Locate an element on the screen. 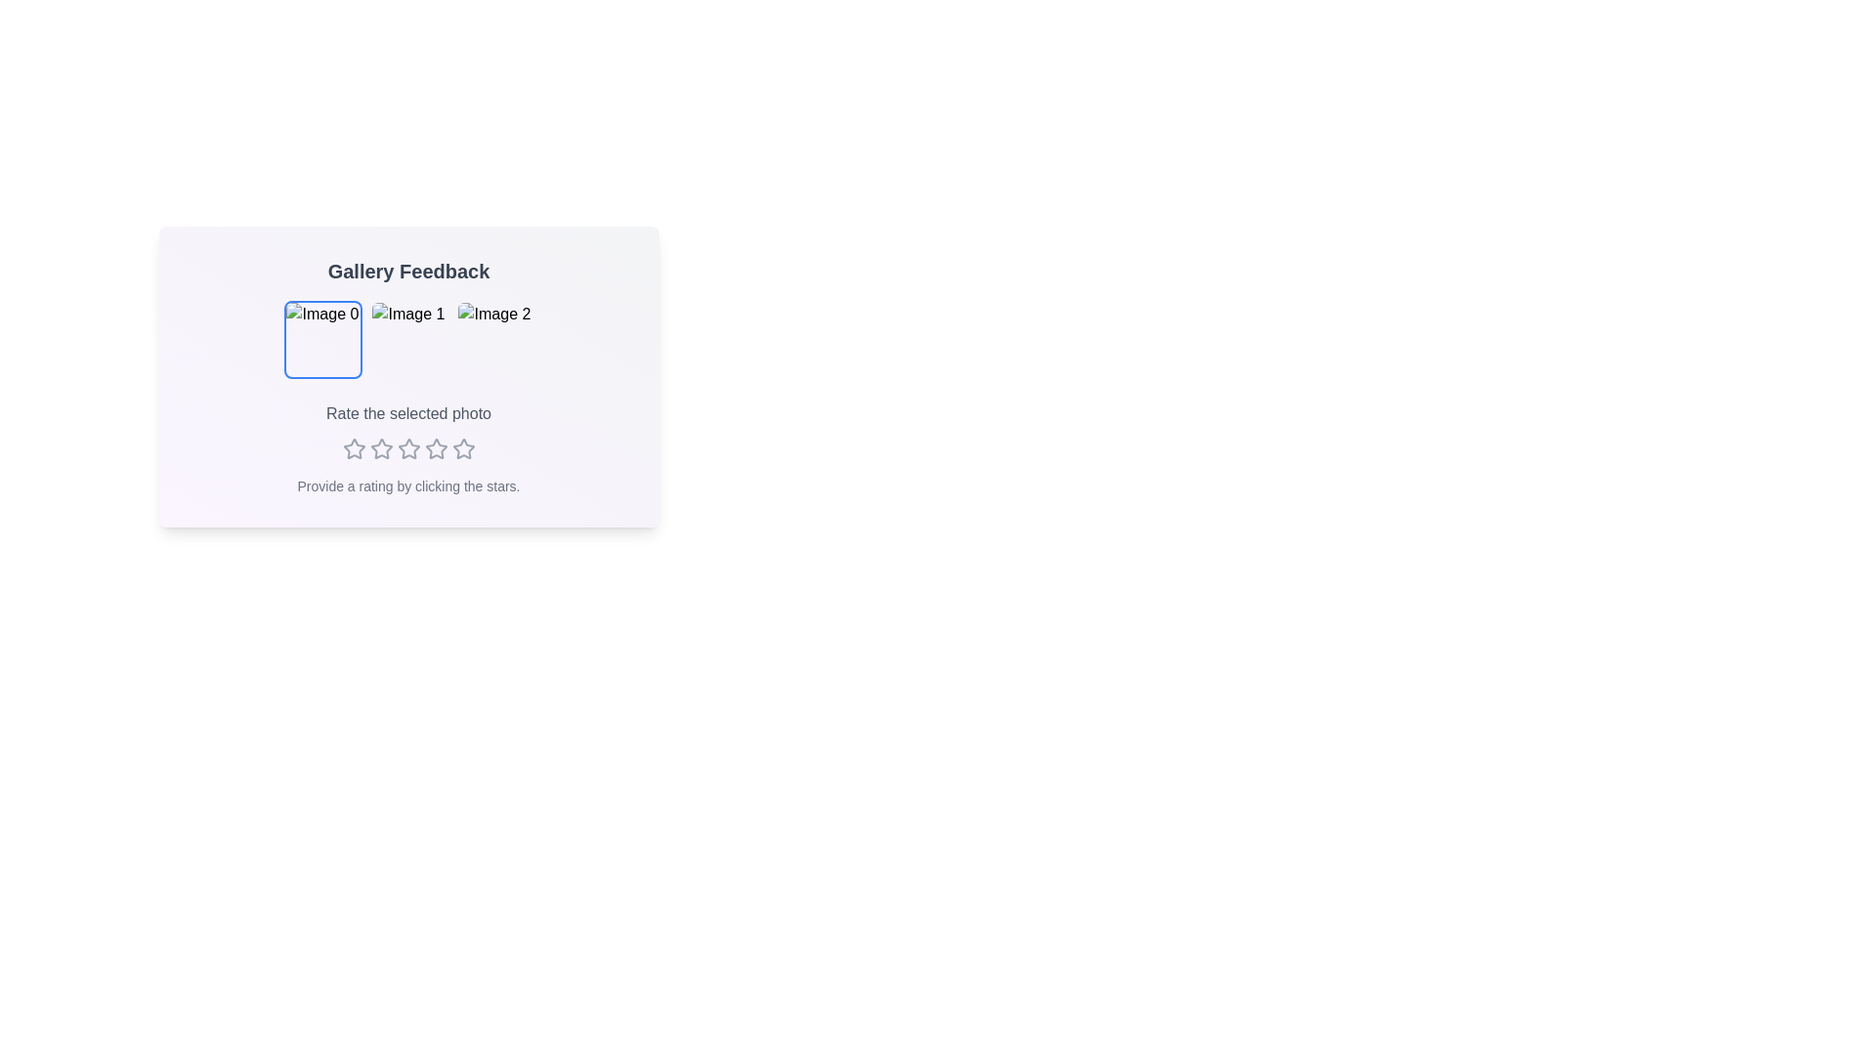  the static text label that displays 'Provide a rating by clicking the stars.' in gray font, located below the star rating component is located at coordinates (407, 485).